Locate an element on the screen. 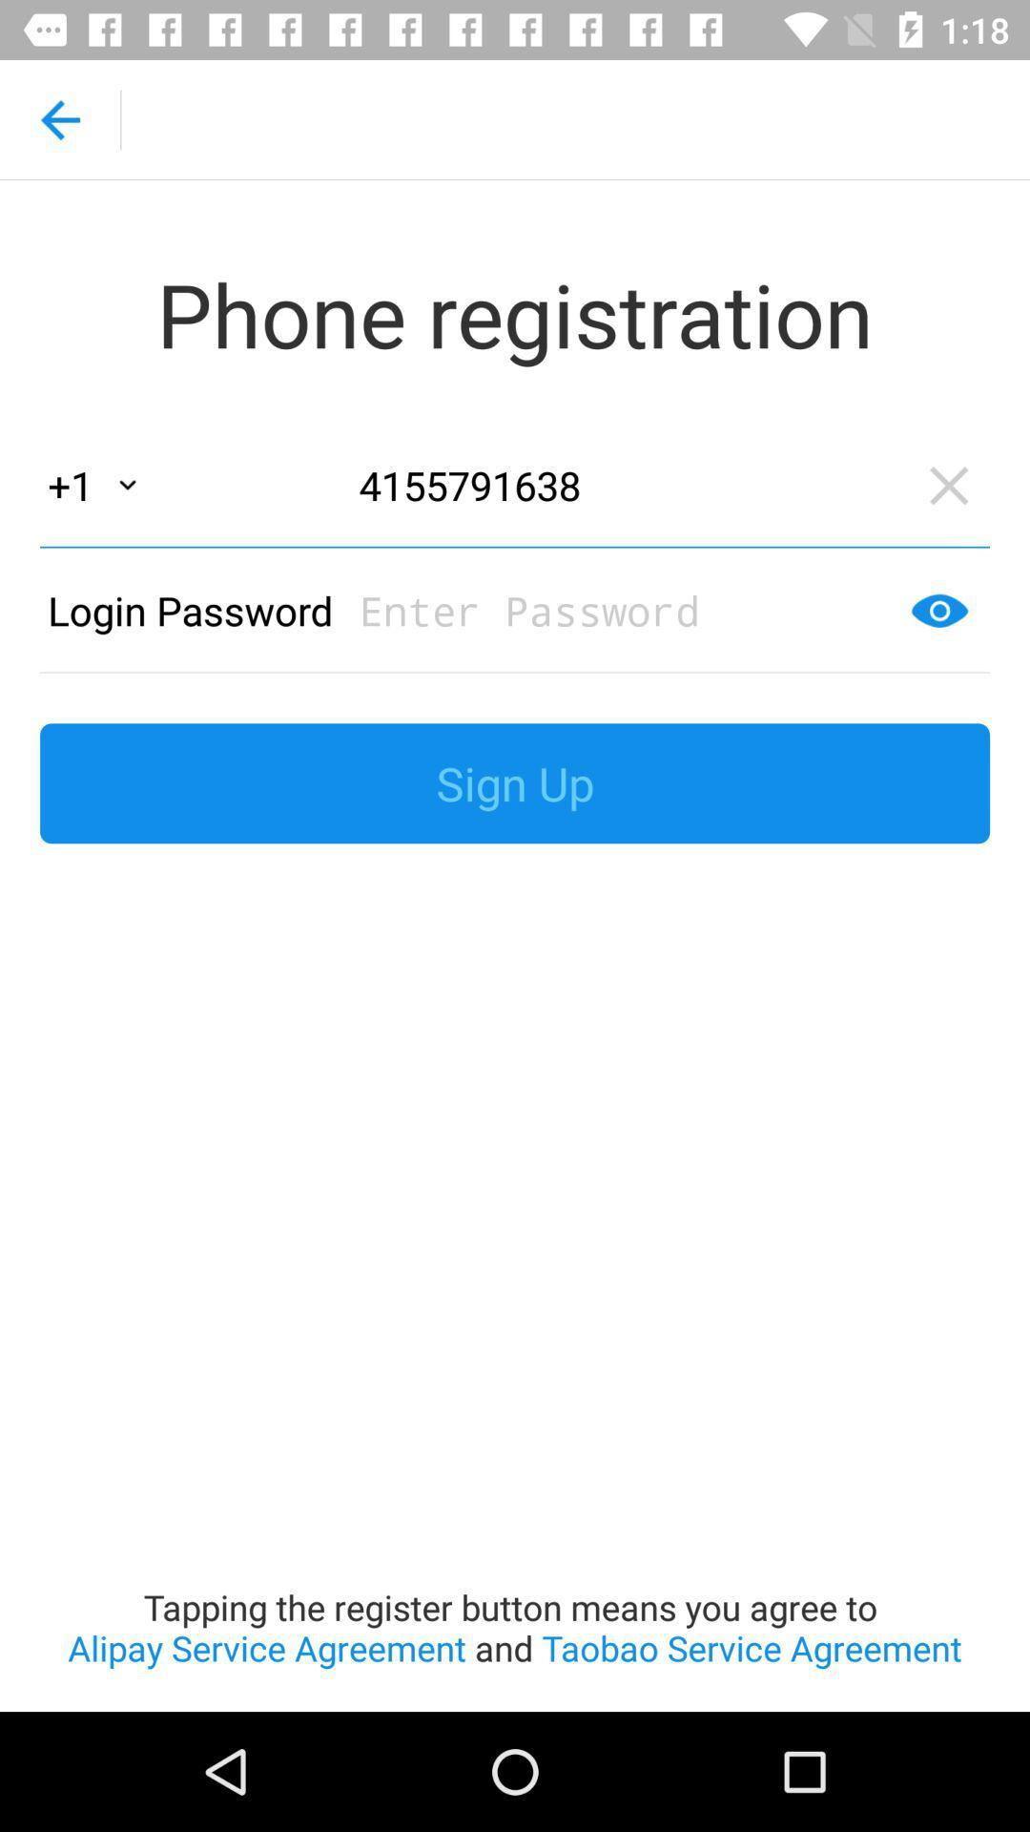 The width and height of the screenshot is (1030, 1832). the 4155791638 item is located at coordinates (625, 485).